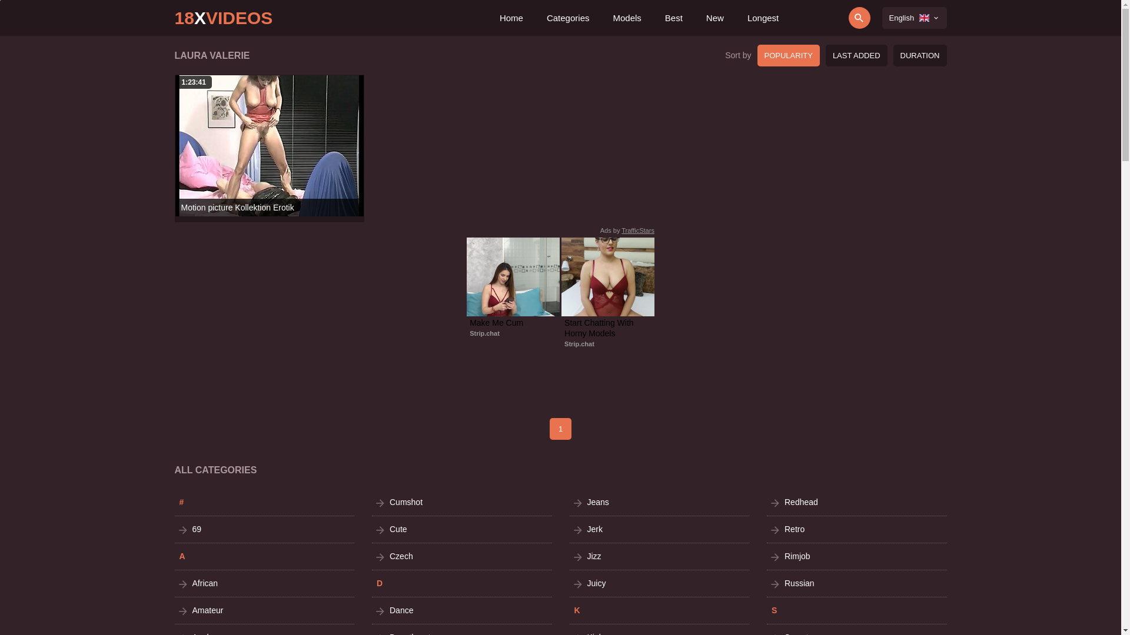  What do you see at coordinates (856, 55) in the screenshot?
I see `'LAST ADDED'` at bounding box center [856, 55].